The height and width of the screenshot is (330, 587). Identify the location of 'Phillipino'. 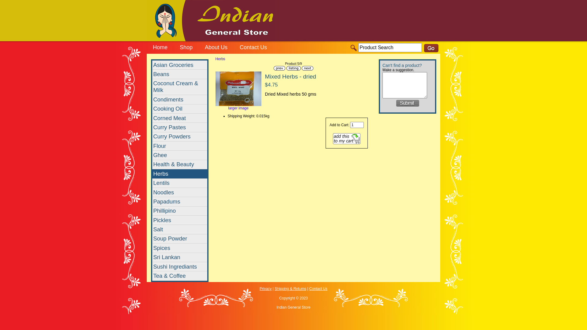
(179, 211).